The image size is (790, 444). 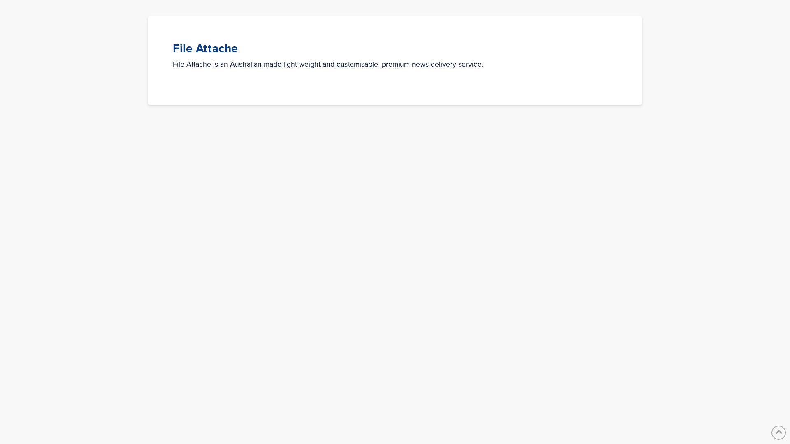 I want to click on 'Back to Top', so click(x=778, y=432).